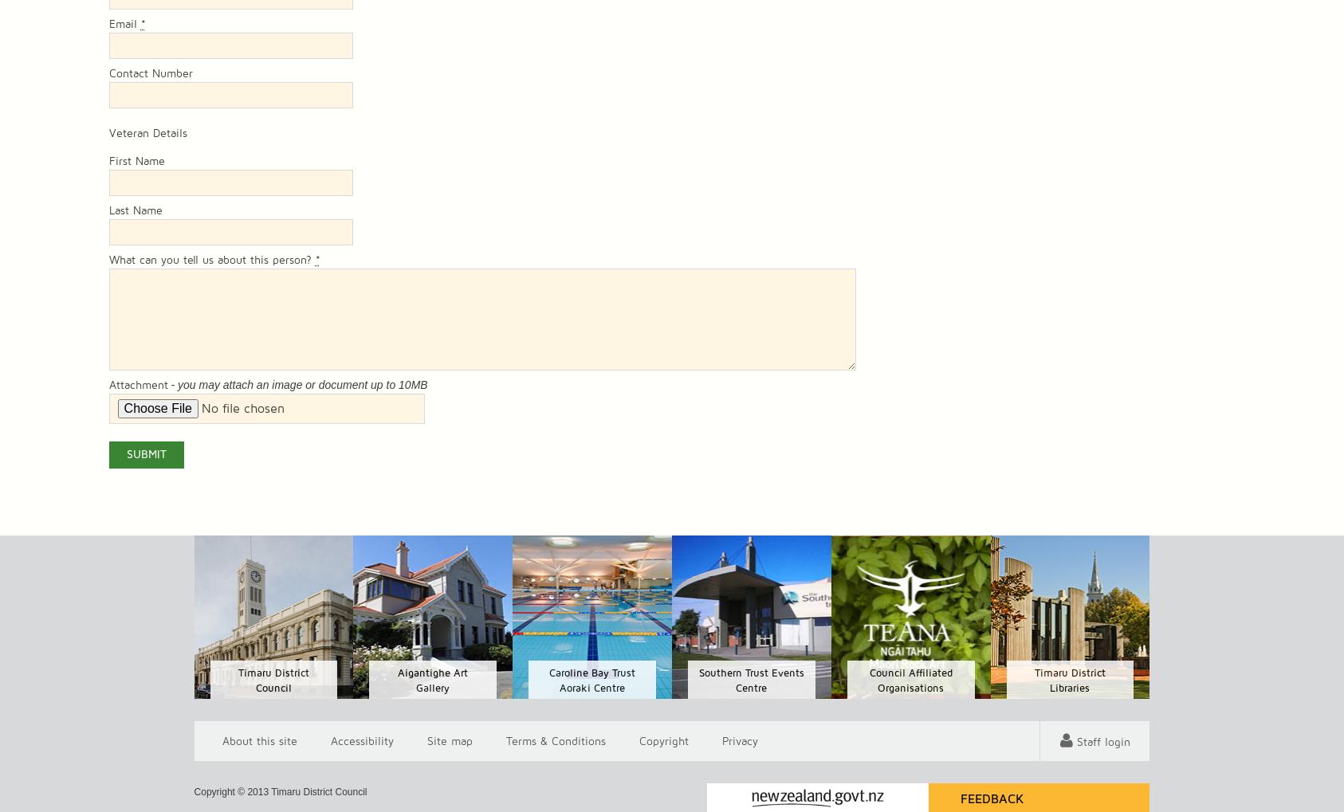 This screenshot has width=1344, height=812. Describe the element at coordinates (124, 23) in the screenshot. I see `'Email'` at that location.